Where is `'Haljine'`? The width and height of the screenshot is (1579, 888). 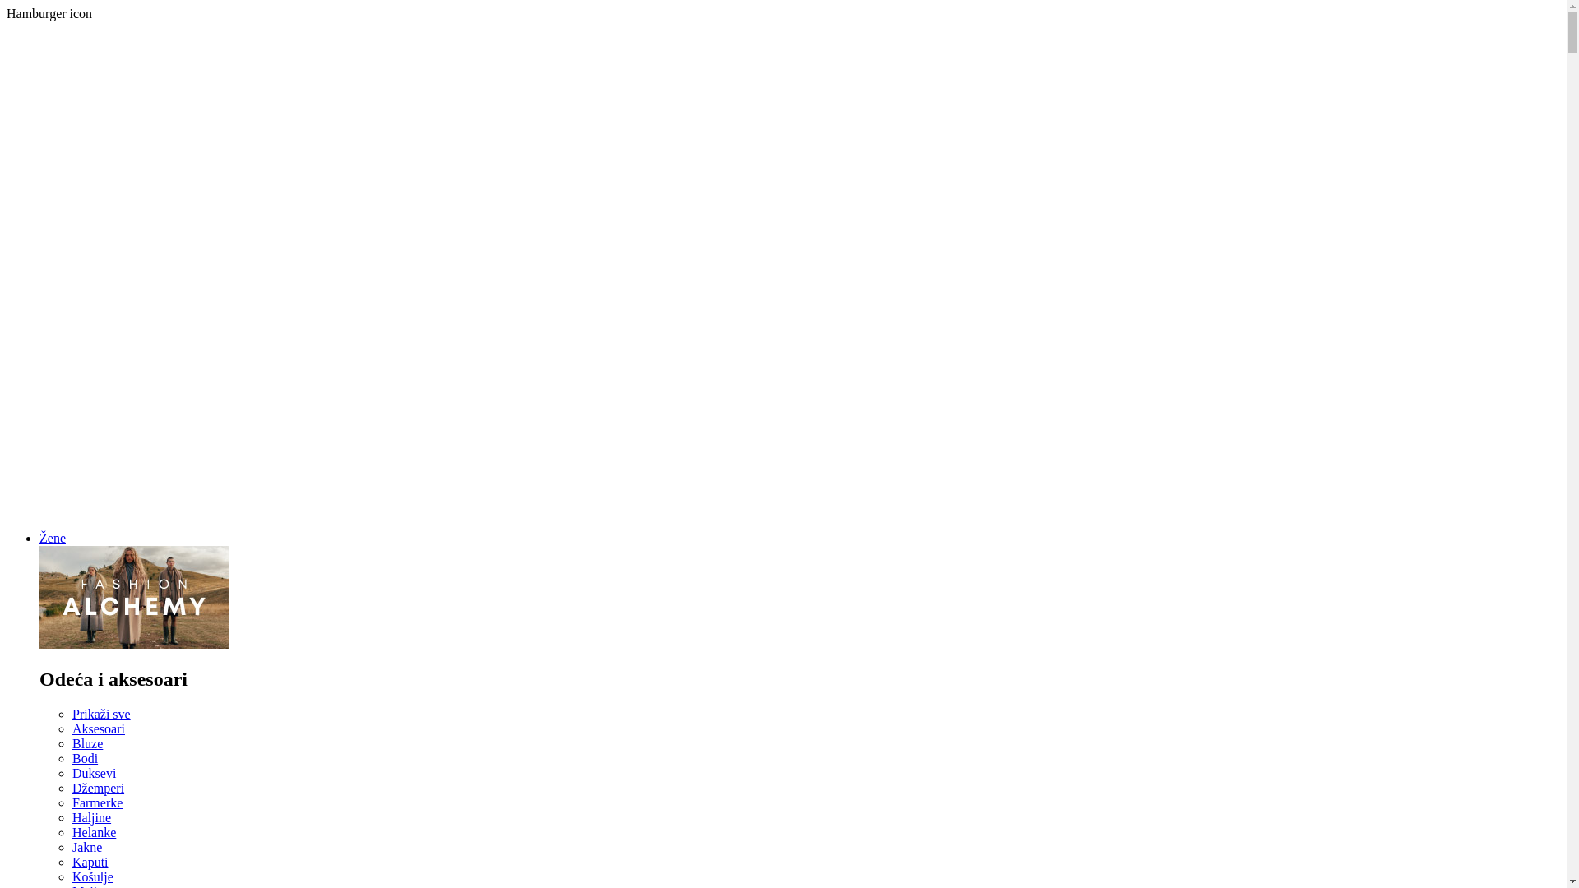 'Haljine' is located at coordinates (90, 817).